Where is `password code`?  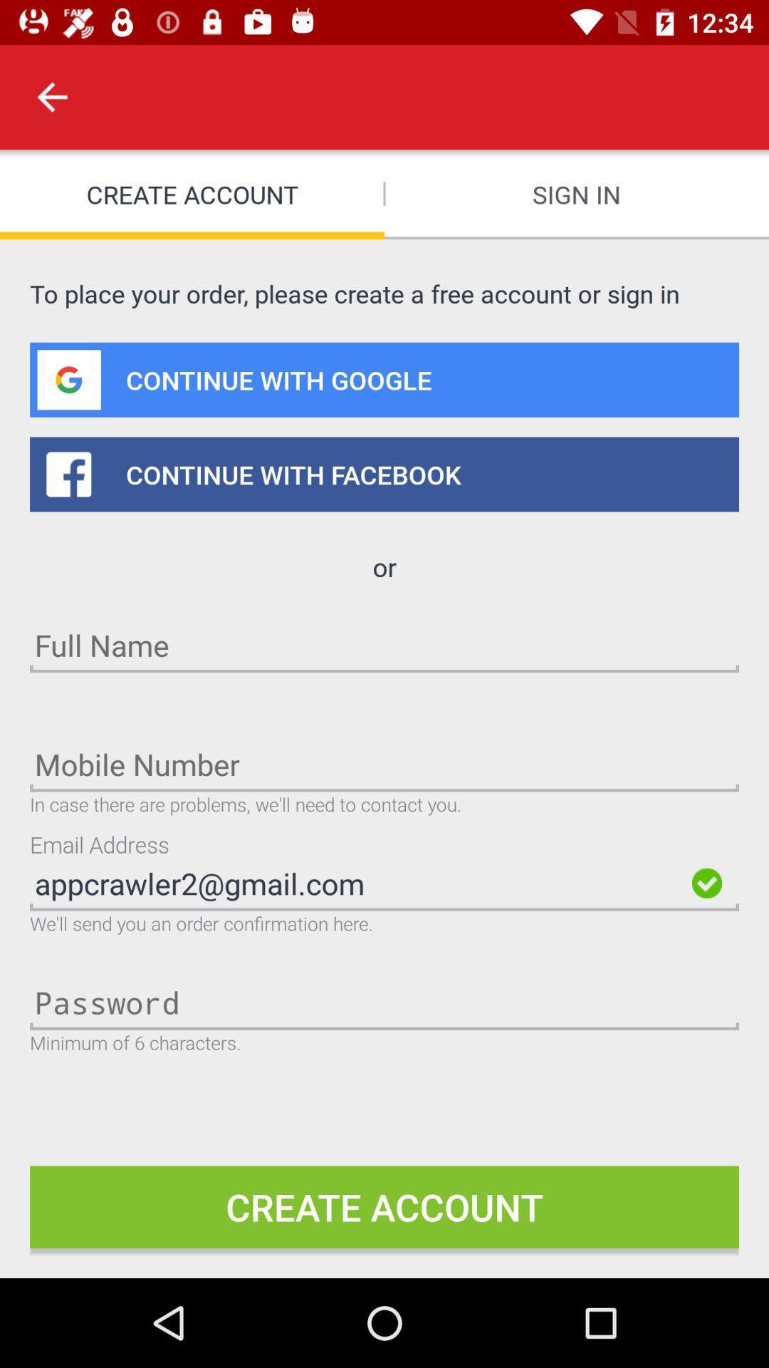
password code is located at coordinates (384, 1001).